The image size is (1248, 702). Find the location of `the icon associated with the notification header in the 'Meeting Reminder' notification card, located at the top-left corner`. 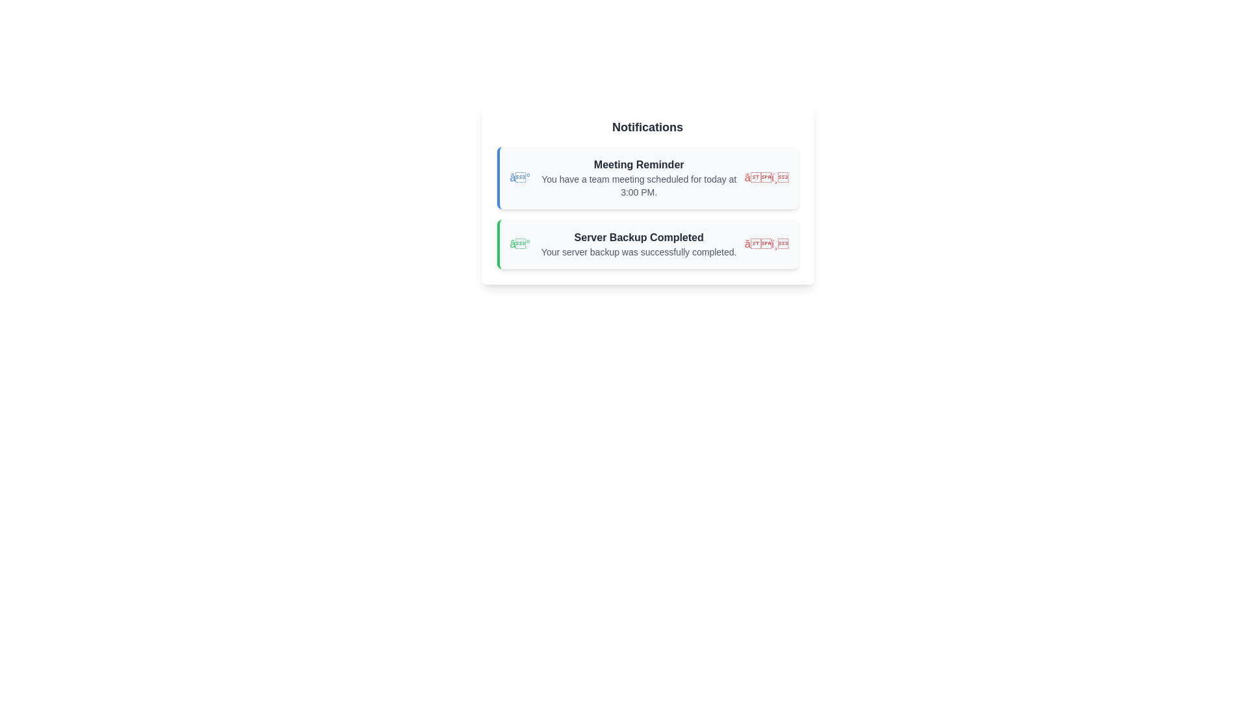

the icon associated with the notification header in the 'Meeting Reminder' notification card, located at the top-left corner is located at coordinates (517, 177).